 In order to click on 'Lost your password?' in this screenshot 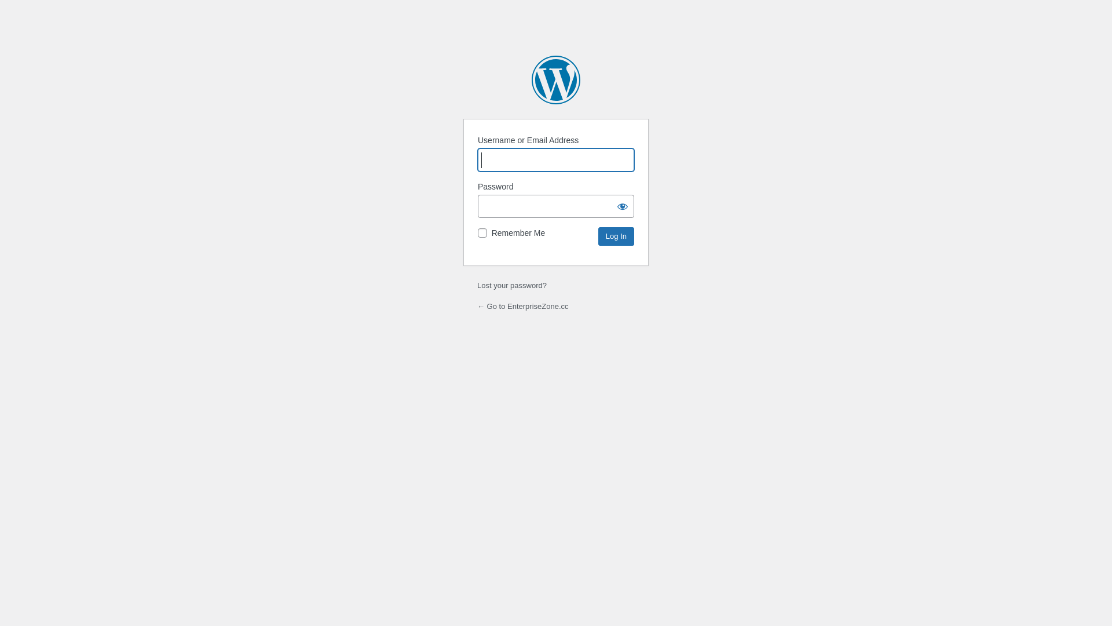, I will do `click(511, 285)`.